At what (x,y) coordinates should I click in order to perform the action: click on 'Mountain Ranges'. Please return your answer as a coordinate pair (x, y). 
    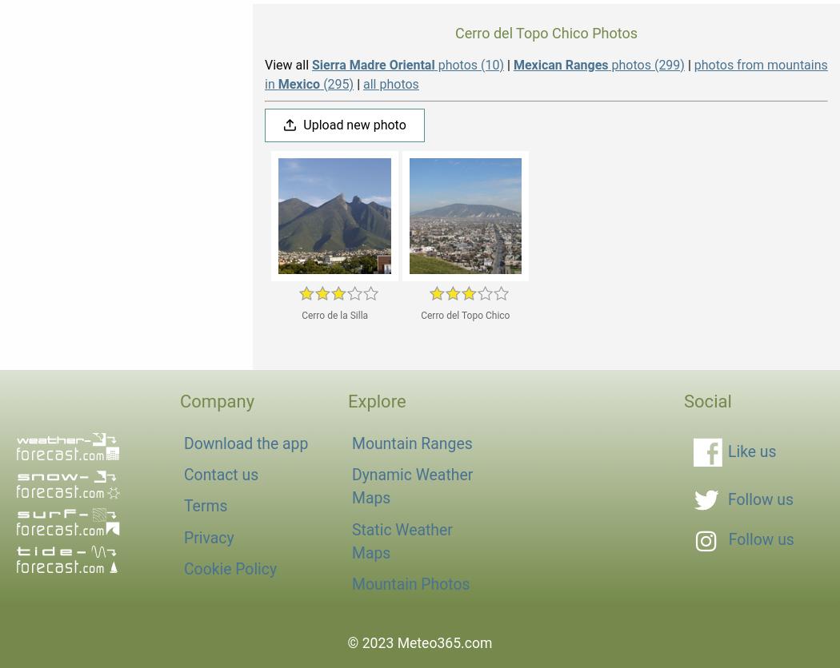
    Looking at the image, I should click on (411, 443).